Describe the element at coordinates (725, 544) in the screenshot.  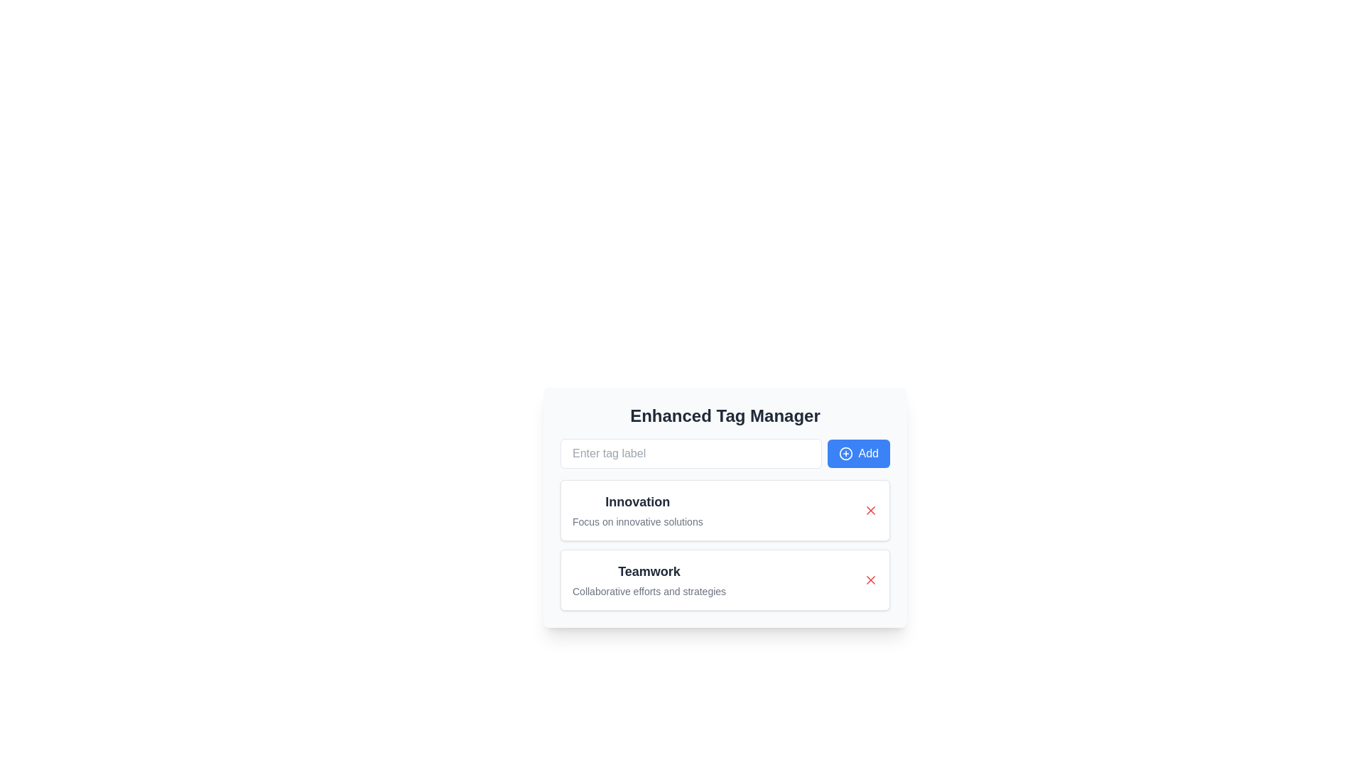
I see `the stacked list sections containing the titles 'Innovation' and 'Teamwork'` at that location.